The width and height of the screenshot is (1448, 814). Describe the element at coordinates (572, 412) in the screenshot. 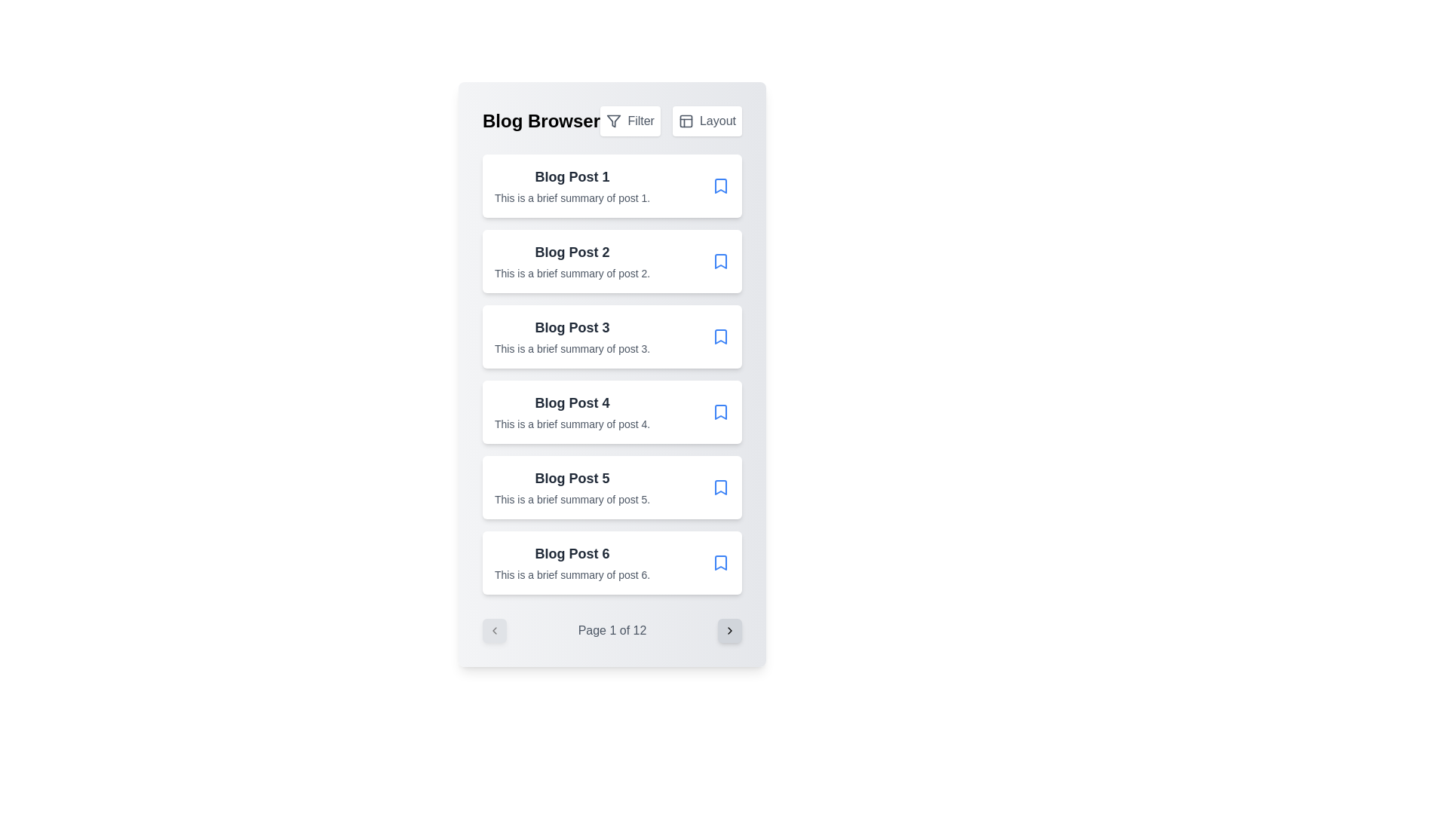

I see `the fourth list item that previews a blog post to read the summary and understand the content` at that location.